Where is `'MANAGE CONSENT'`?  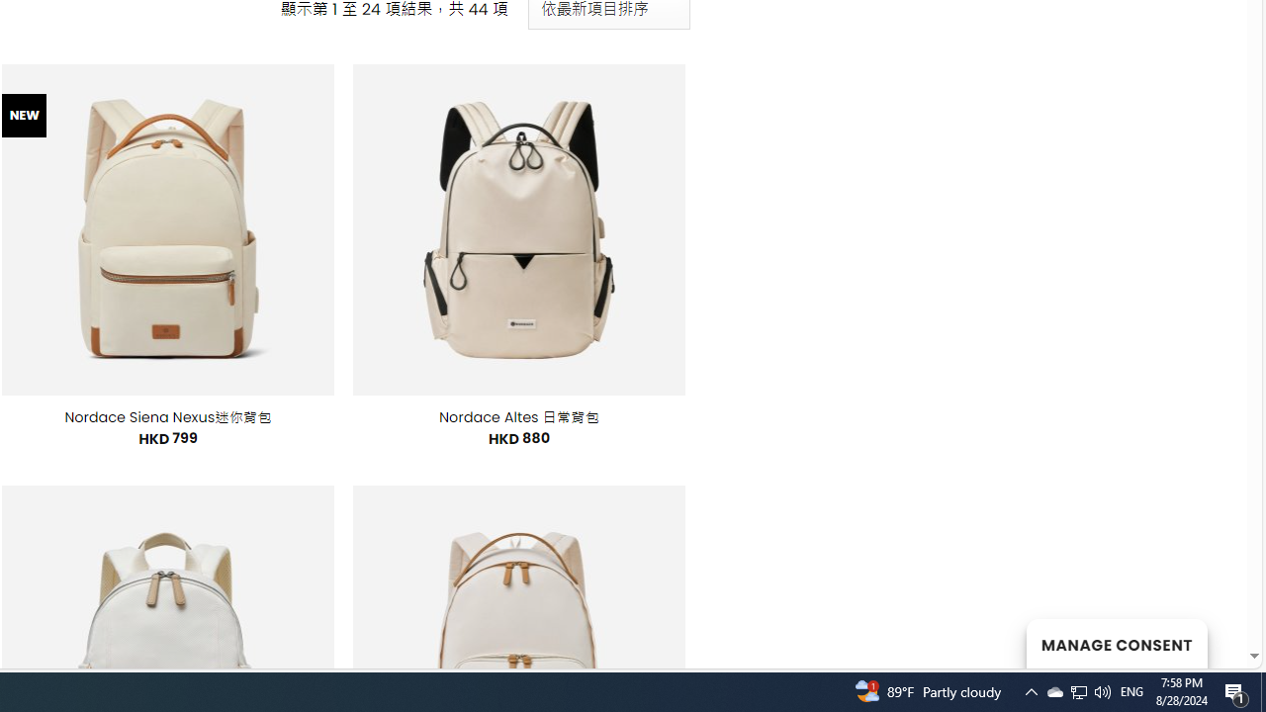 'MANAGE CONSENT' is located at coordinates (1116, 643).